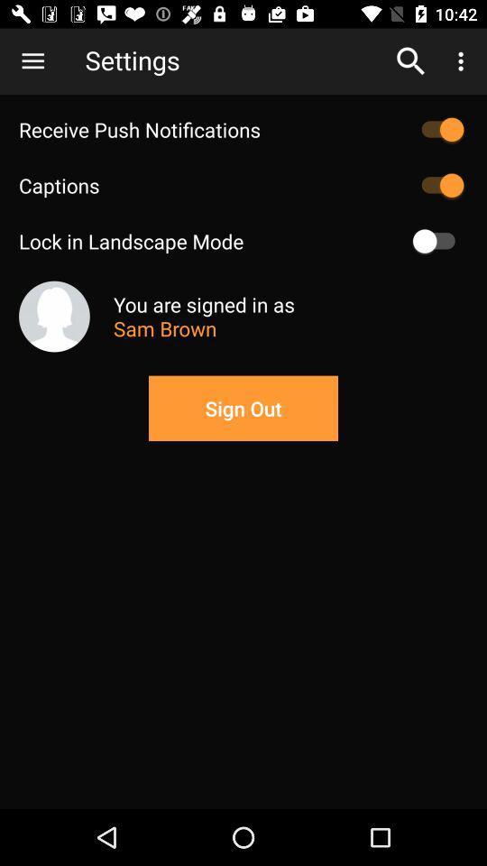  I want to click on sign out button on the page, so click(243, 409).